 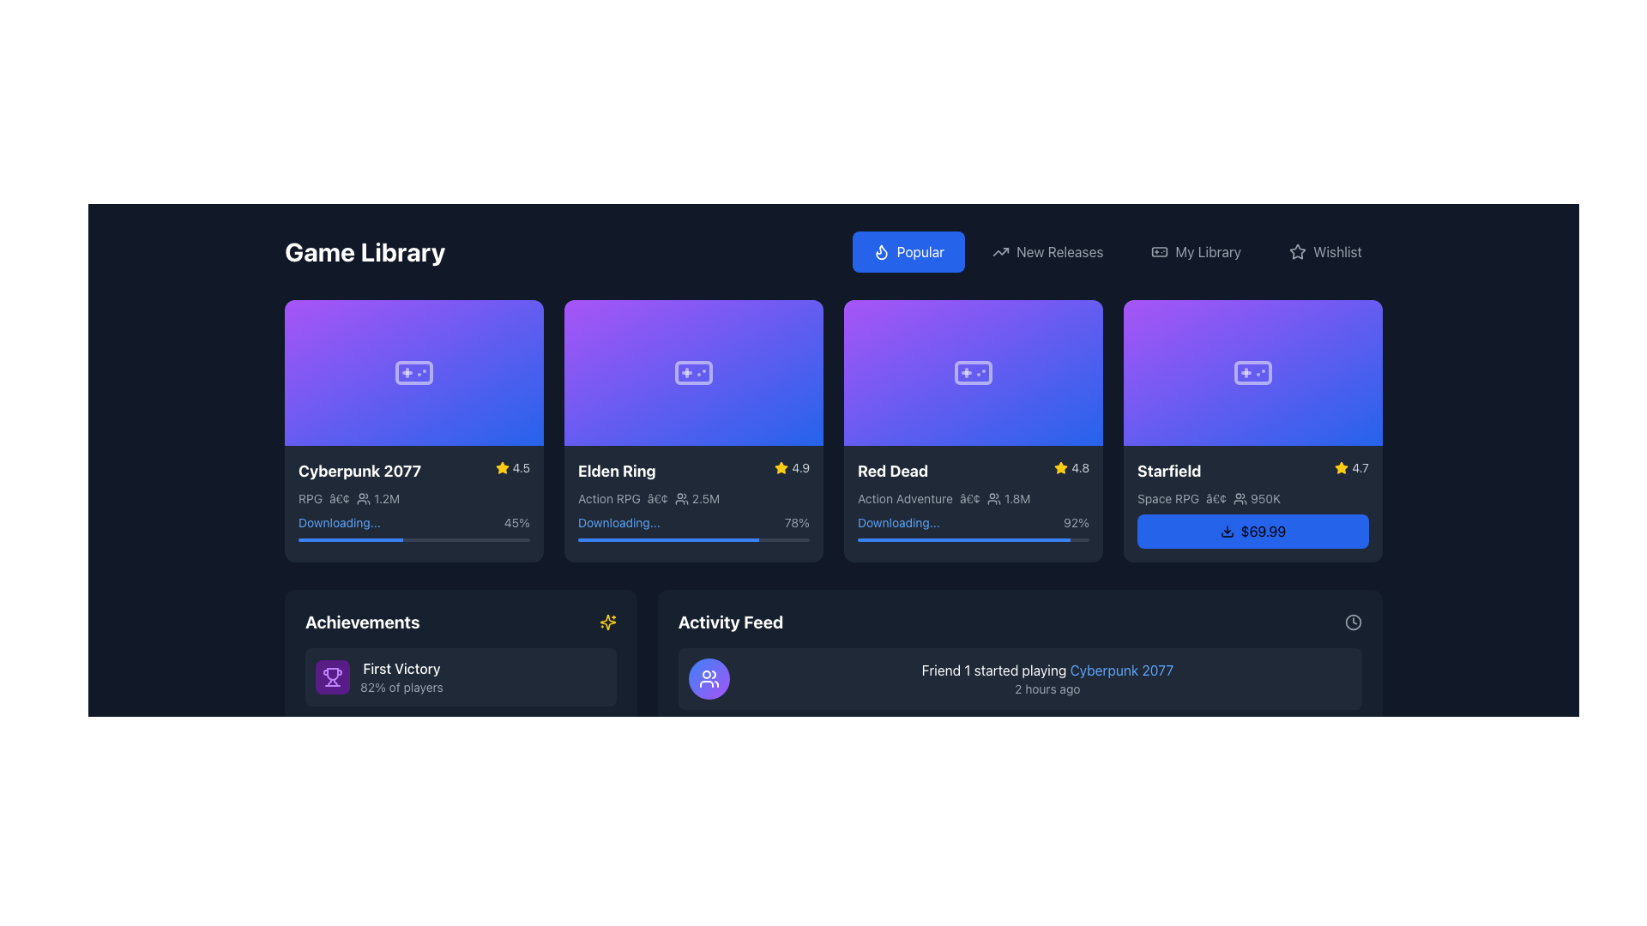 What do you see at coordinates (617, 471) in the screenshot?
I see `the text label displaying 'Elden Ring', which is styled to transition to blue when hovered over, located in the second column of the game library beneath the main game image` at bounding box center [617, 471].